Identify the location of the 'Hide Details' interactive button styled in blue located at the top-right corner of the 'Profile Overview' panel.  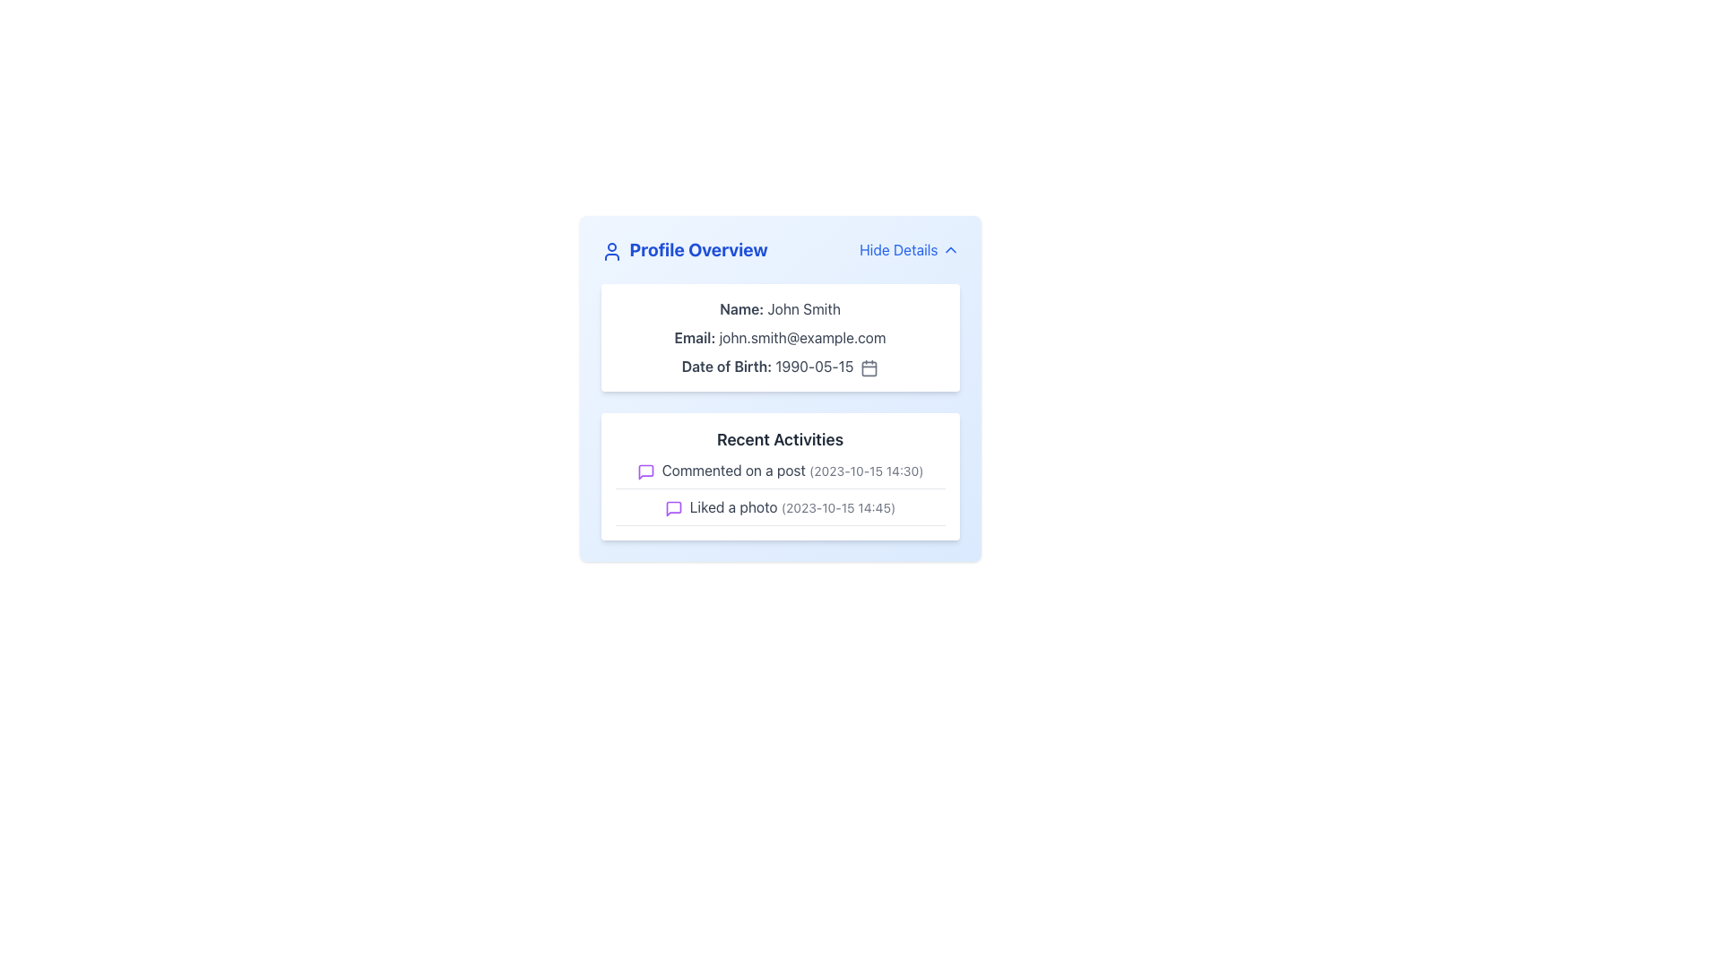
(909, 249).